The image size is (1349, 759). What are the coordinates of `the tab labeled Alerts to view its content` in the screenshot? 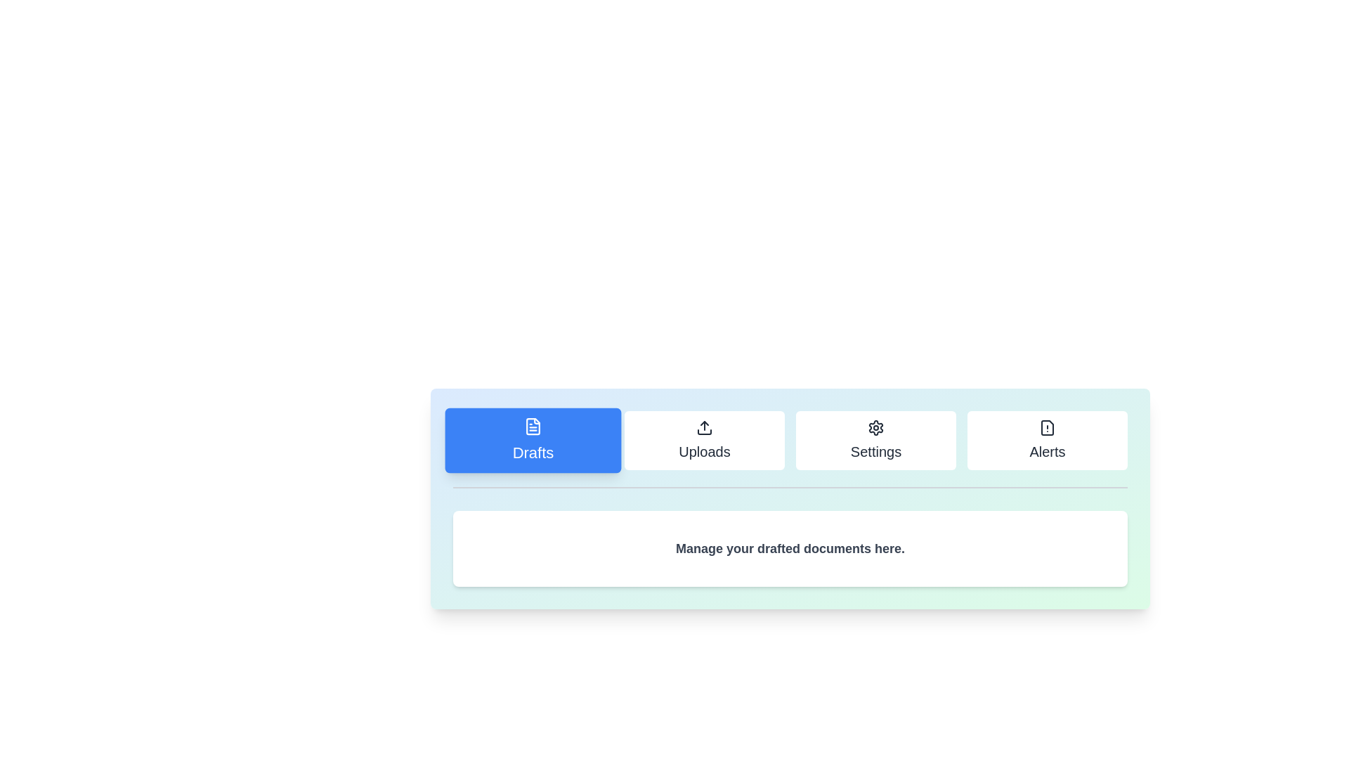 It's located at (1048, 440).